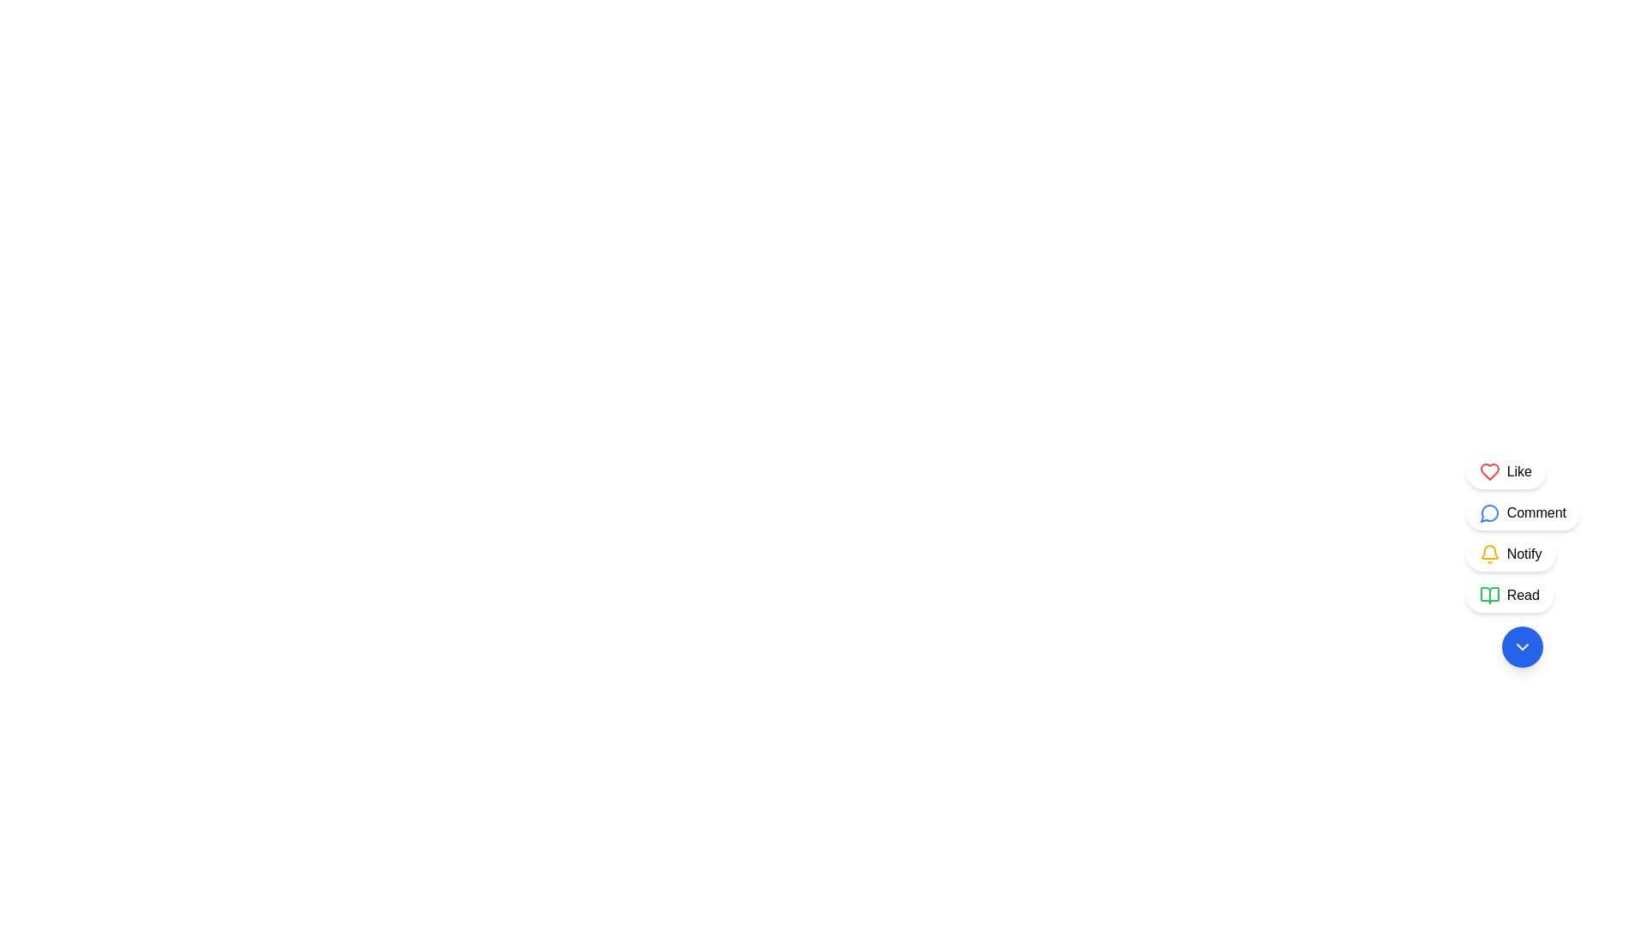 This screenshot has width=1648, height=927. Describe the element at coordinates (1523, 646) in the screenshot. I see `the downward-pointing chevron SVG icon contained within a blue circular button at the bottom of the vertical column` at that location.